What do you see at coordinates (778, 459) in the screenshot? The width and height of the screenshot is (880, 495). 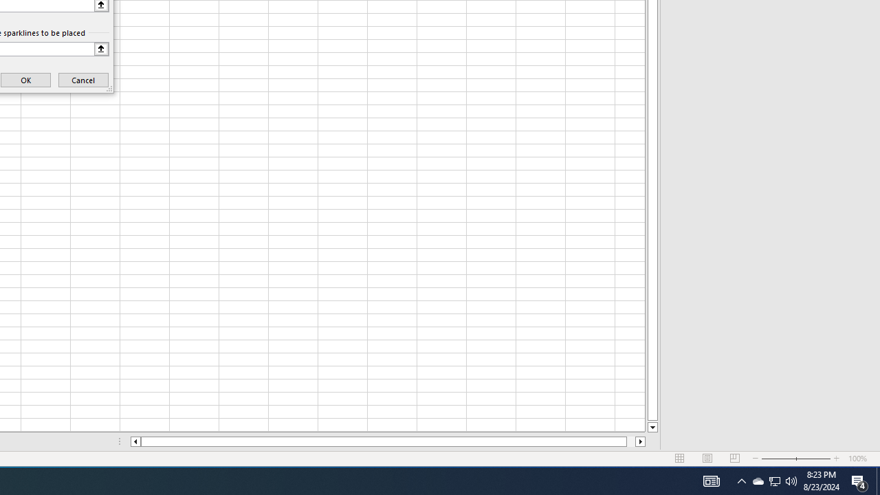 I see `'Zoom Out'` at bounding box center [778, 459].